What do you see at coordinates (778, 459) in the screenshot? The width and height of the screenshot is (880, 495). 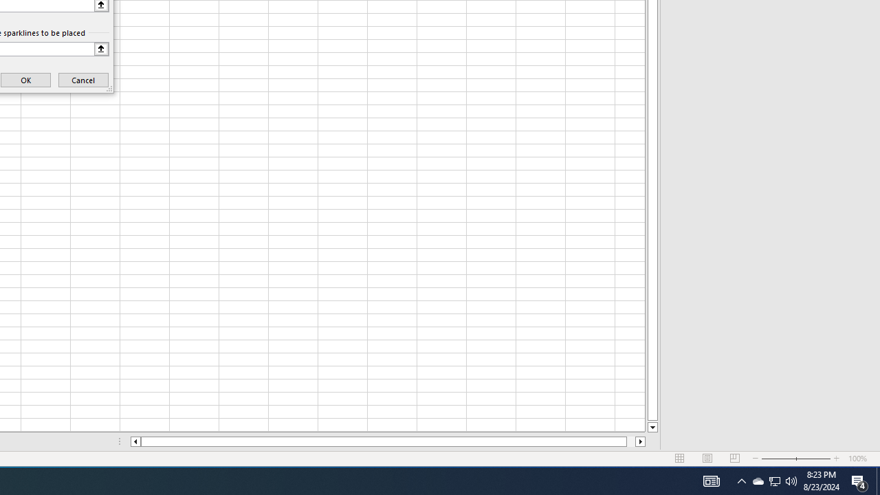 I see `'Zoom Out'` at bounding box center [778, 459].